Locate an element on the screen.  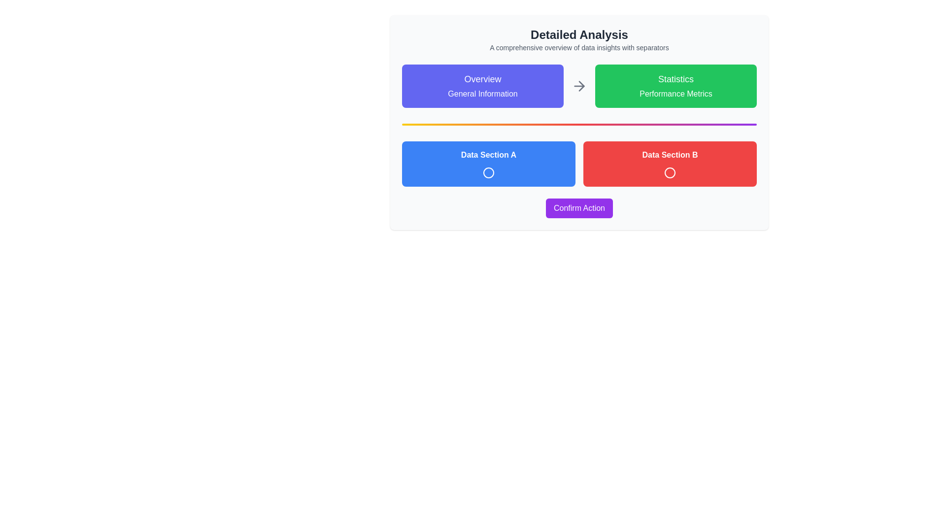
the text label 'Data Section A' which is styled with a medium-sized, bold font and is positioned within a blue, rounded rectangular button, indicating it is a section header or navigation item is located at coordinates (489, 155).